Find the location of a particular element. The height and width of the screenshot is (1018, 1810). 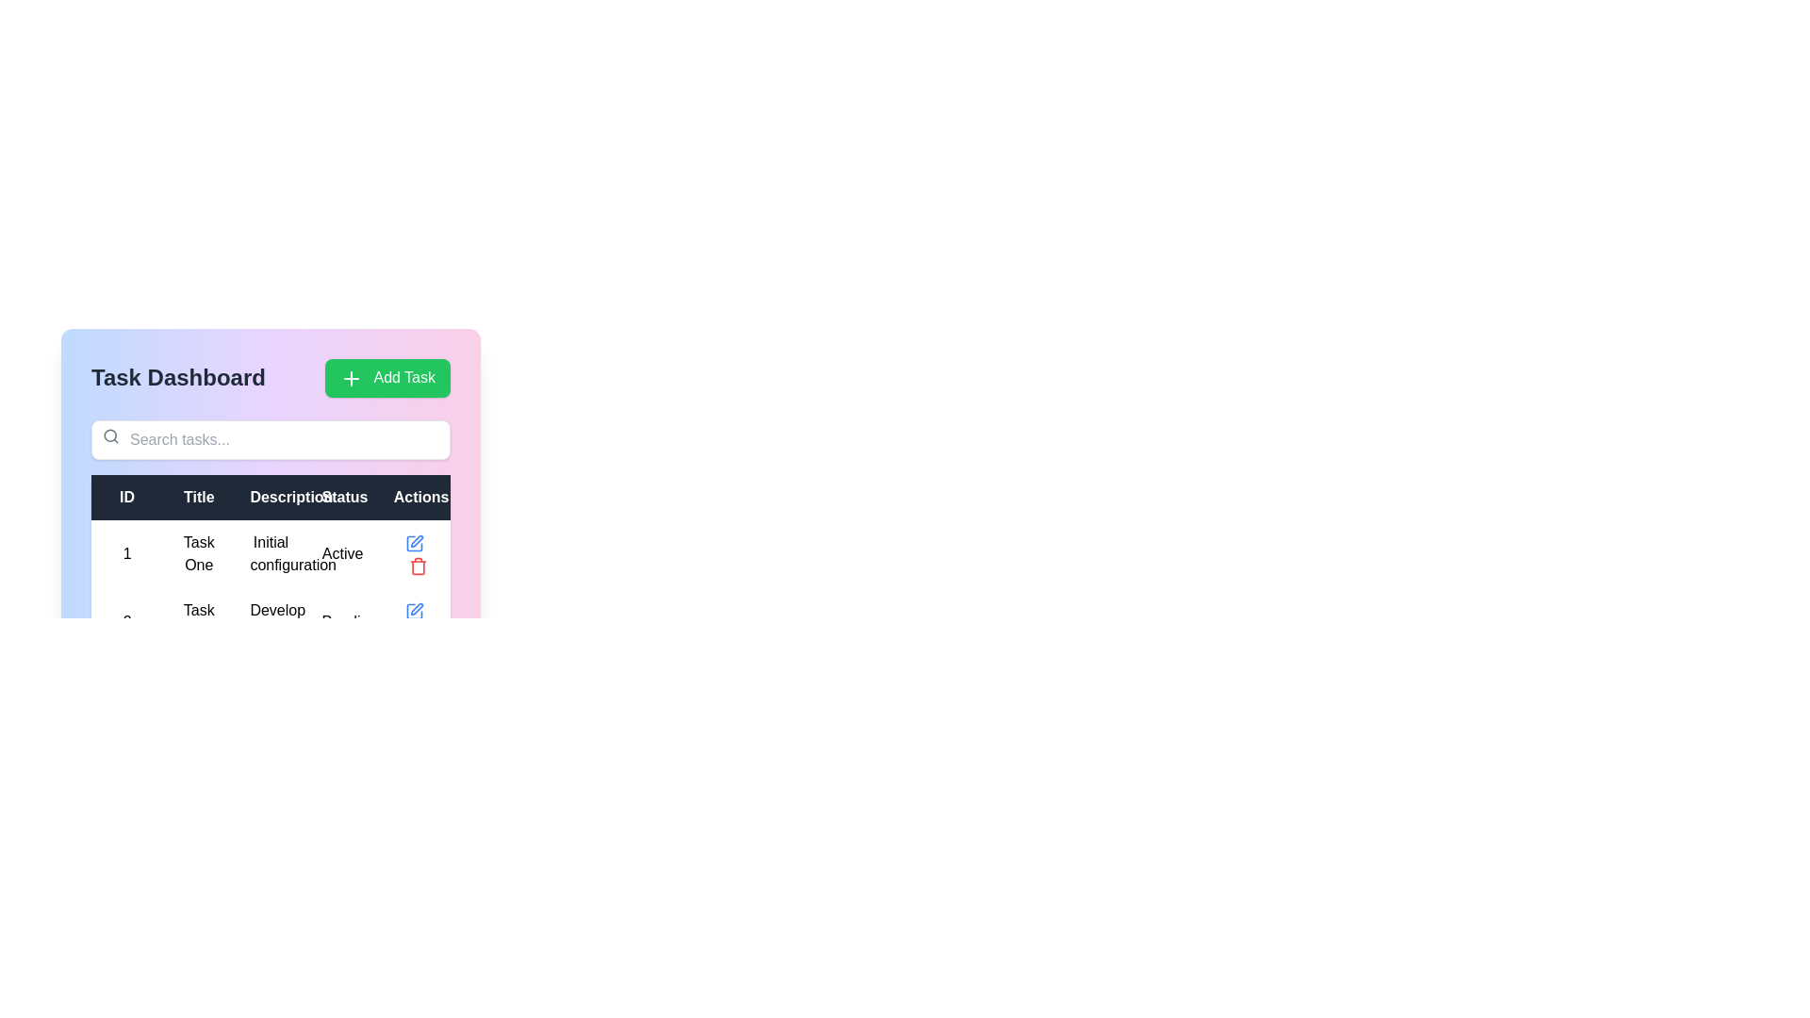

the 'Actions' text label in the table header, which is displayed in white text on a dark blue background and is the fifth column's header is located at coordinates (413, 496).